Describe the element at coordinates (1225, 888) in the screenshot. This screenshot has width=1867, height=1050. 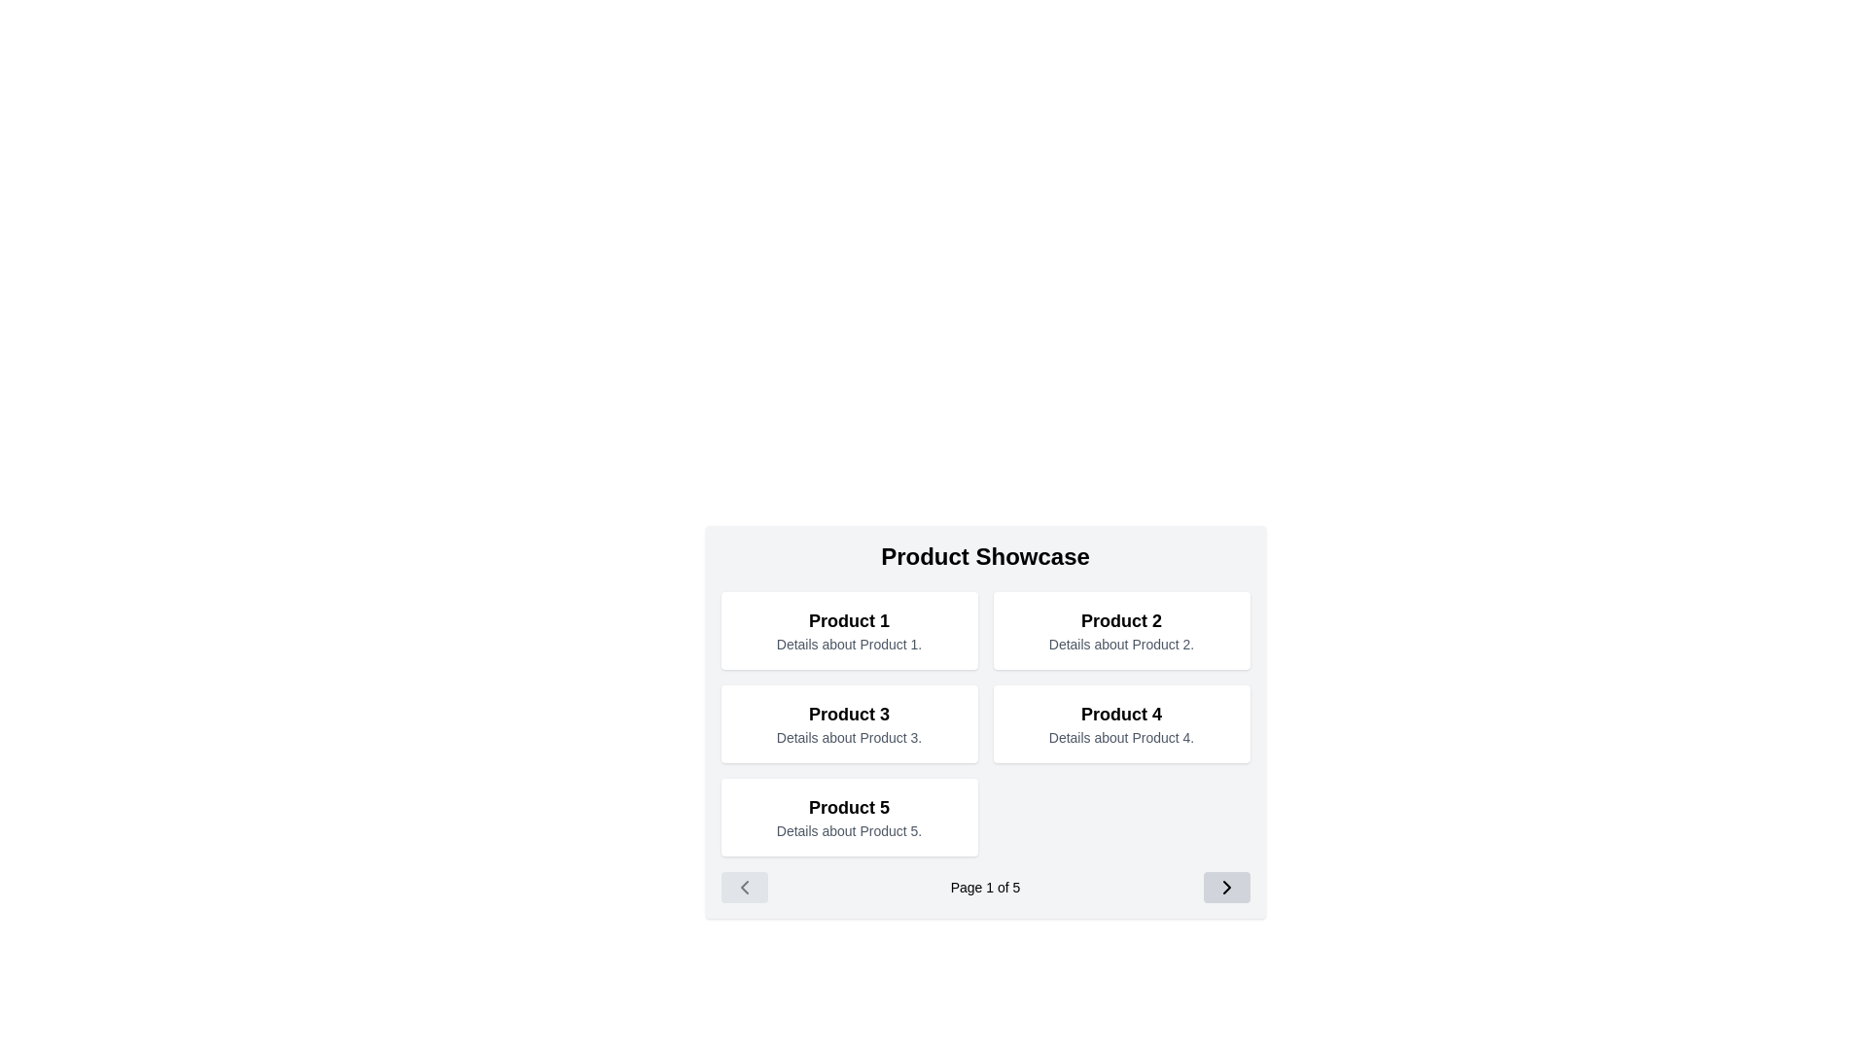
I see `the triangular right-pointing arrow icon located within the square button at the bottom-right corner of the panel` at that location.